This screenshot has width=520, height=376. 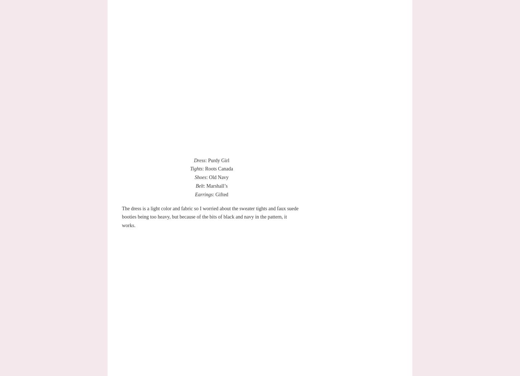 I want to click on ': Gifted', so click(x=213, y=194).